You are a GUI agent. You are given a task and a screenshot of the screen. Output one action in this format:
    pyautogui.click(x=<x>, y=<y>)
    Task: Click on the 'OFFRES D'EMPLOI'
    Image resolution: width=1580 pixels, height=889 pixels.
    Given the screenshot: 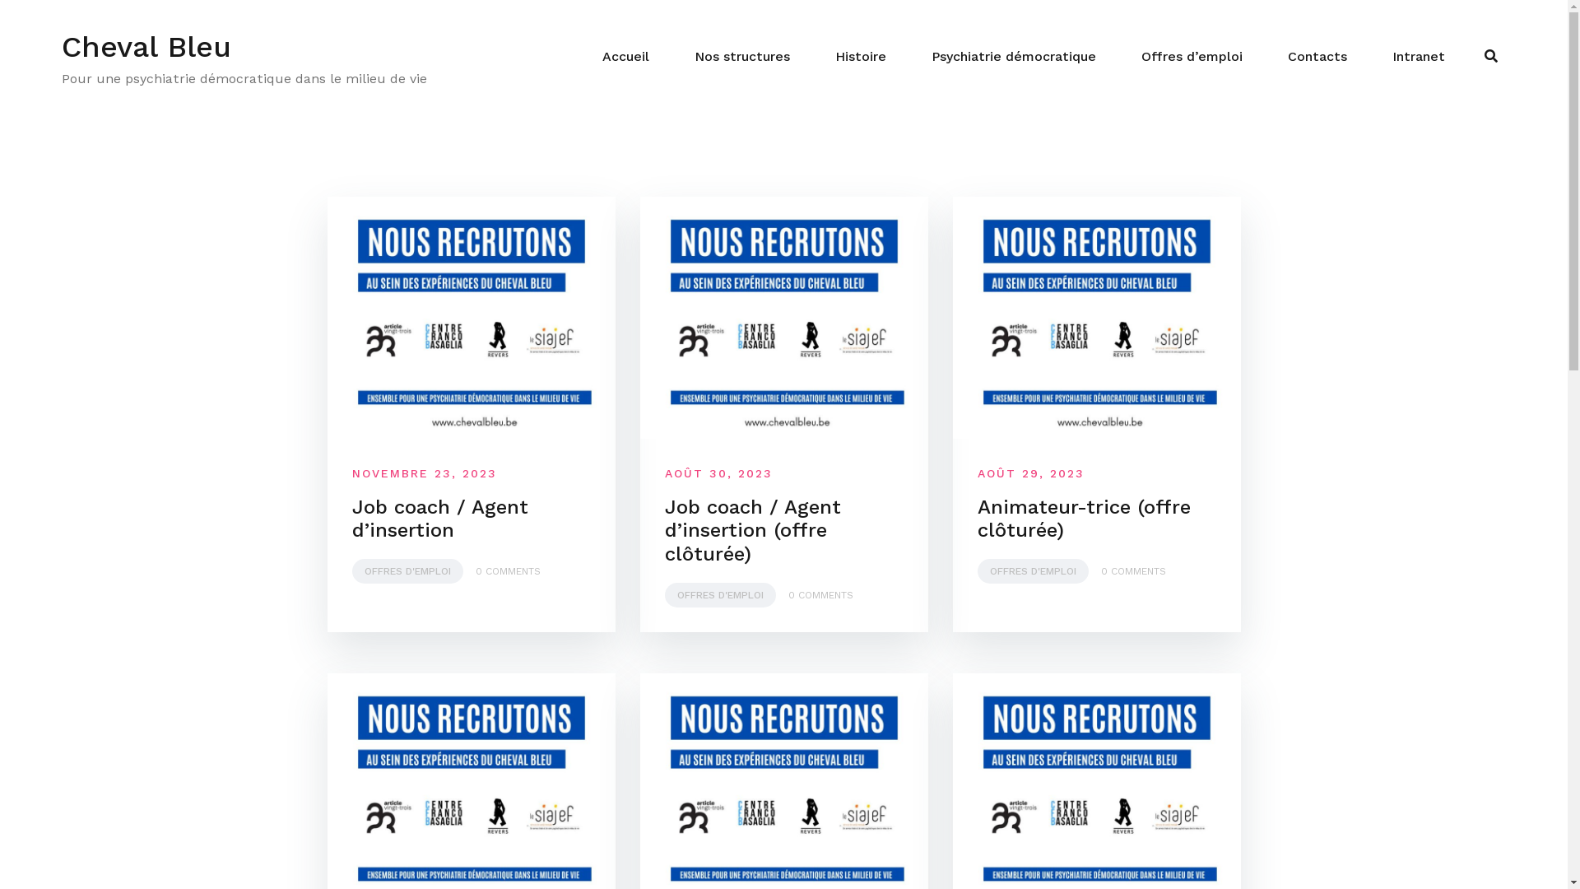 What is the action you would take?
    pyautogui.click(x=1032, y=570)
    